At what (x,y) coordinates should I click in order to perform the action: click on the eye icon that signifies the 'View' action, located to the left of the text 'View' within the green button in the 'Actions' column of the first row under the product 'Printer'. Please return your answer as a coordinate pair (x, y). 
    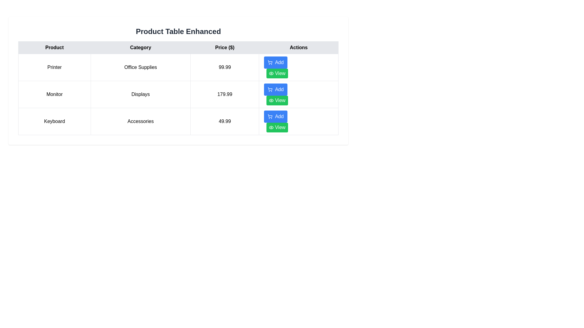
    Looking at the image, I should click on (271, 73).